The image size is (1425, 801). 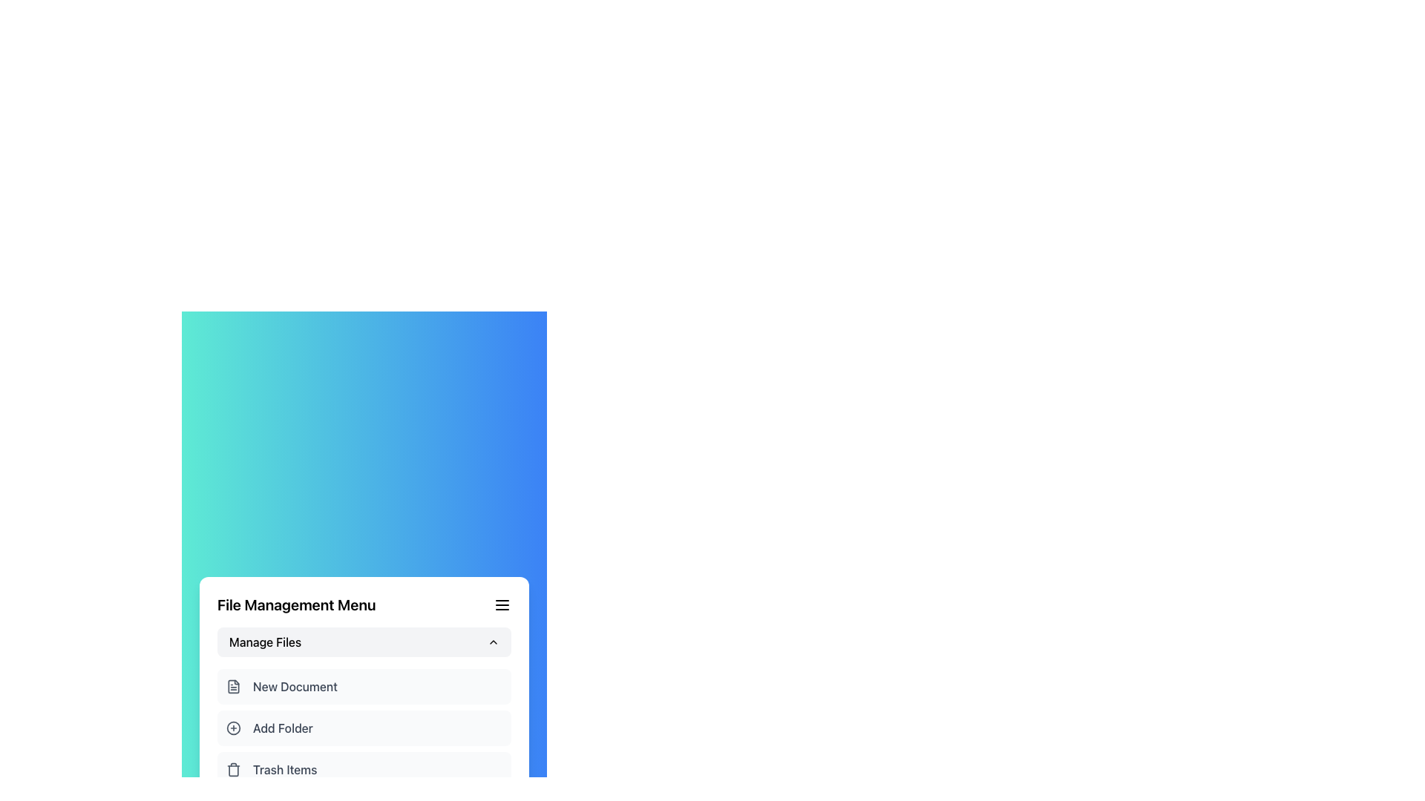 I want to click on the text 'Trash Items' in the file management menu, which is styled in medium-weight gray font and positioned to the right of a trashcan icon, so click(x=285, y=768).